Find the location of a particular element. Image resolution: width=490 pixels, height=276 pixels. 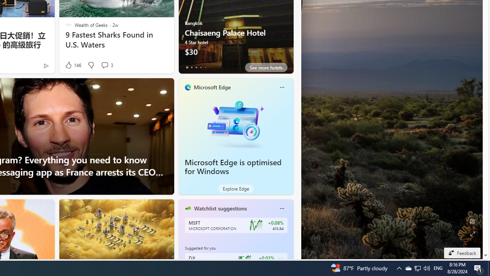

'tab-1' is located at coordinates (191, 67).